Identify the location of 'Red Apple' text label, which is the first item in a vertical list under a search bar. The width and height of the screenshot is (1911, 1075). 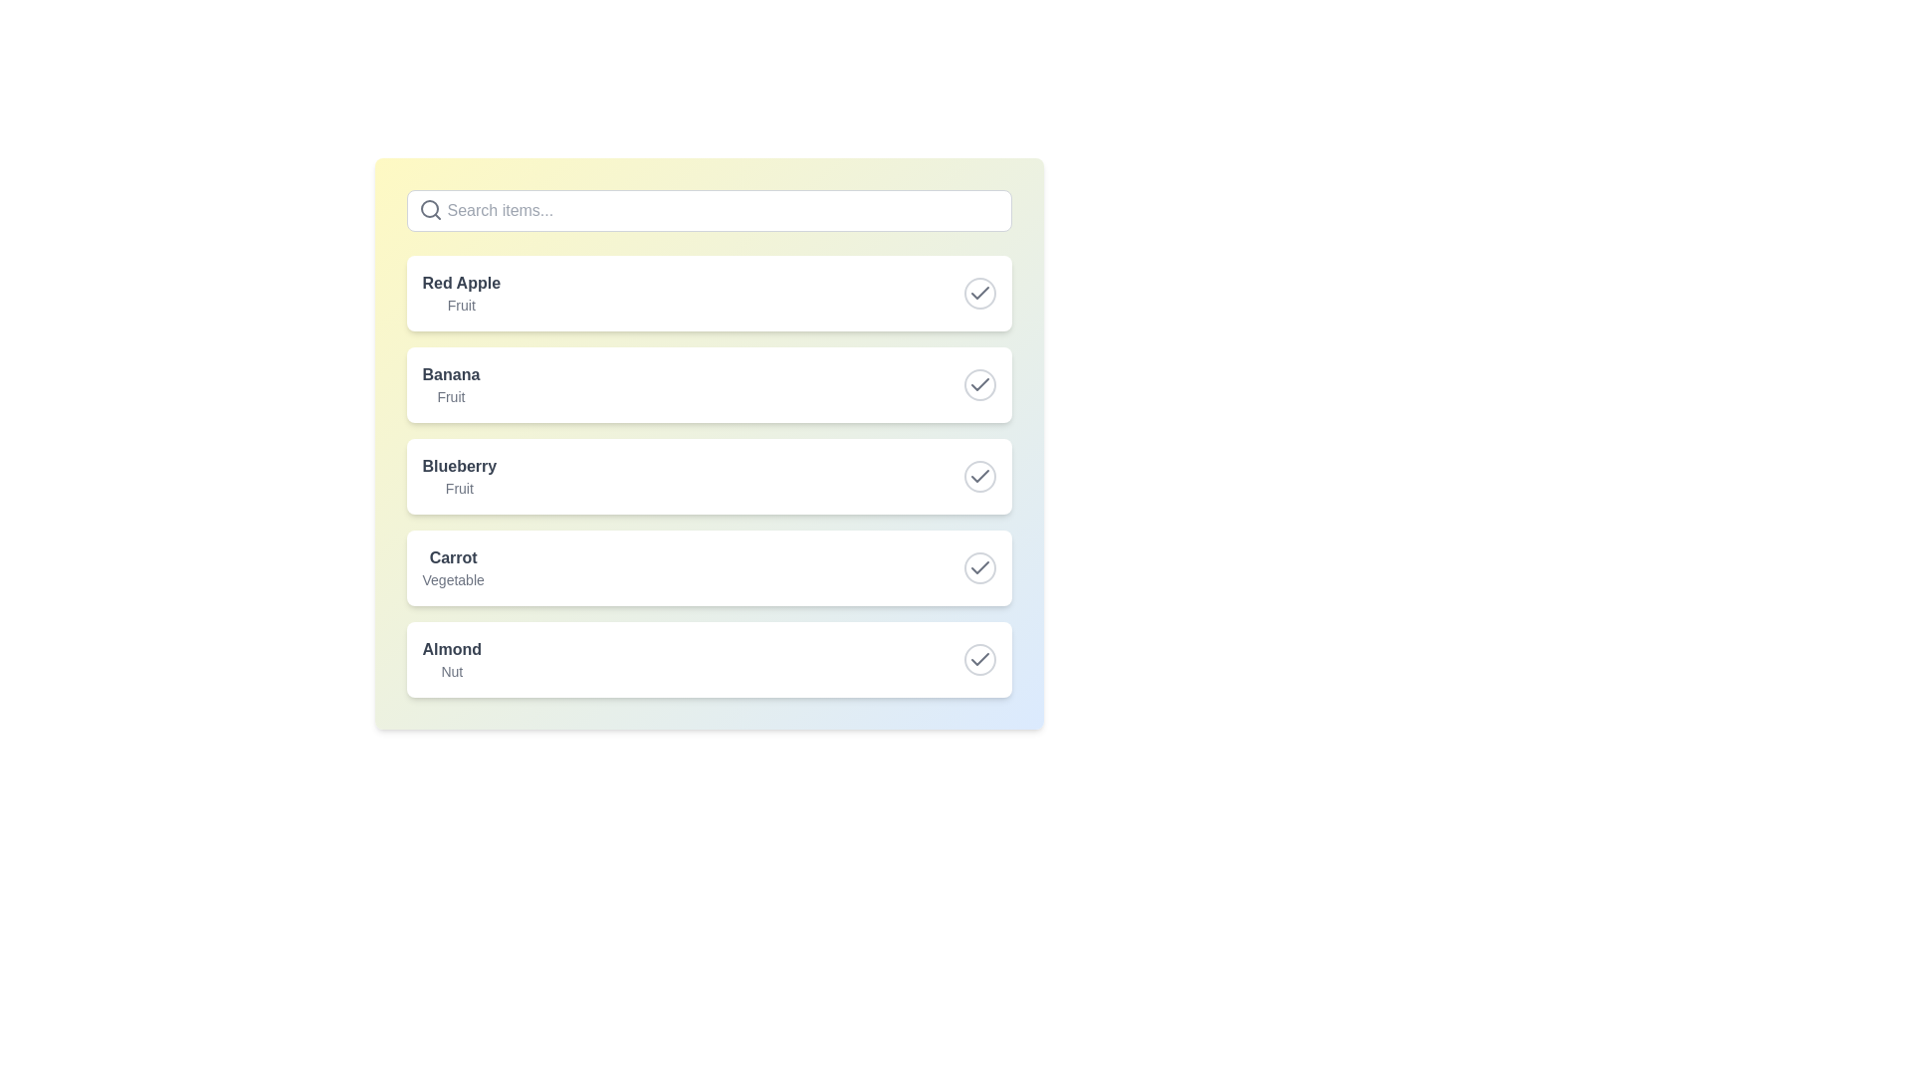
(460, 284).